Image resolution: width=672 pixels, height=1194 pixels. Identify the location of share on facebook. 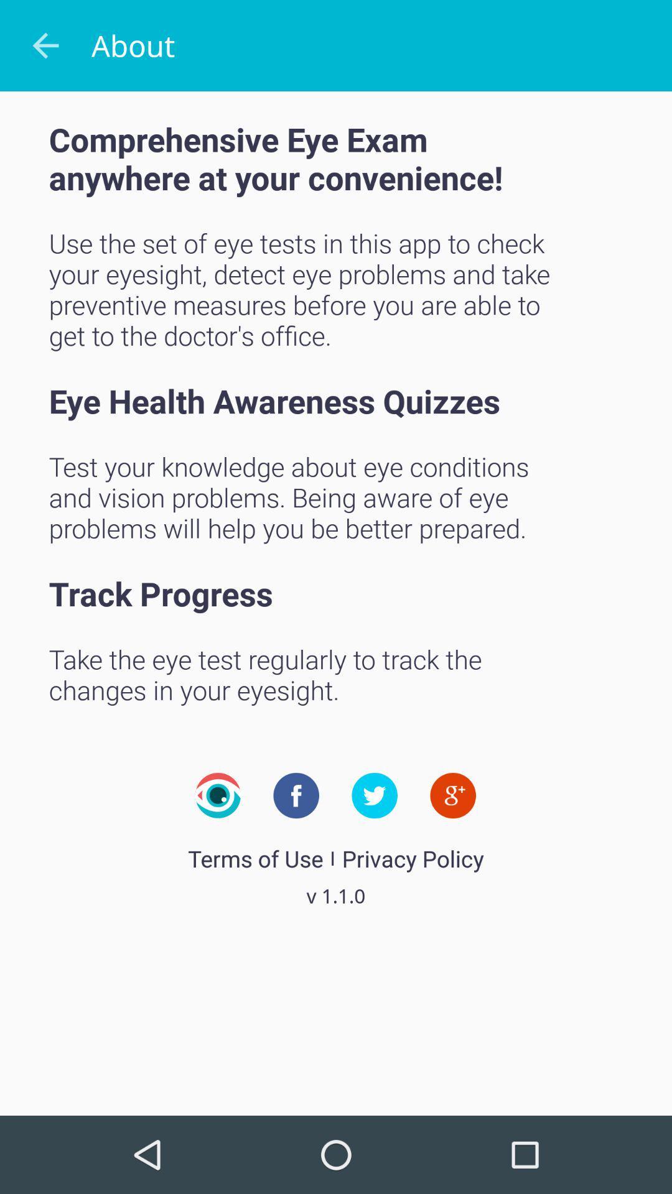
(296, 795).